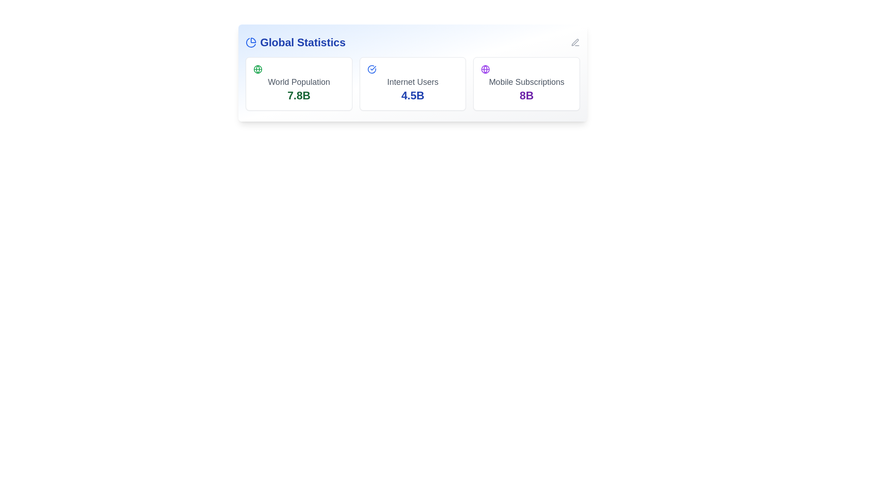  Describe the element at coordinates (251, 43) in the screenshot. I see `pie chart icon, which is styled with a blue circular outline and distinct sectors, located to the far left of the 'Global Statistics' section header` at that location.